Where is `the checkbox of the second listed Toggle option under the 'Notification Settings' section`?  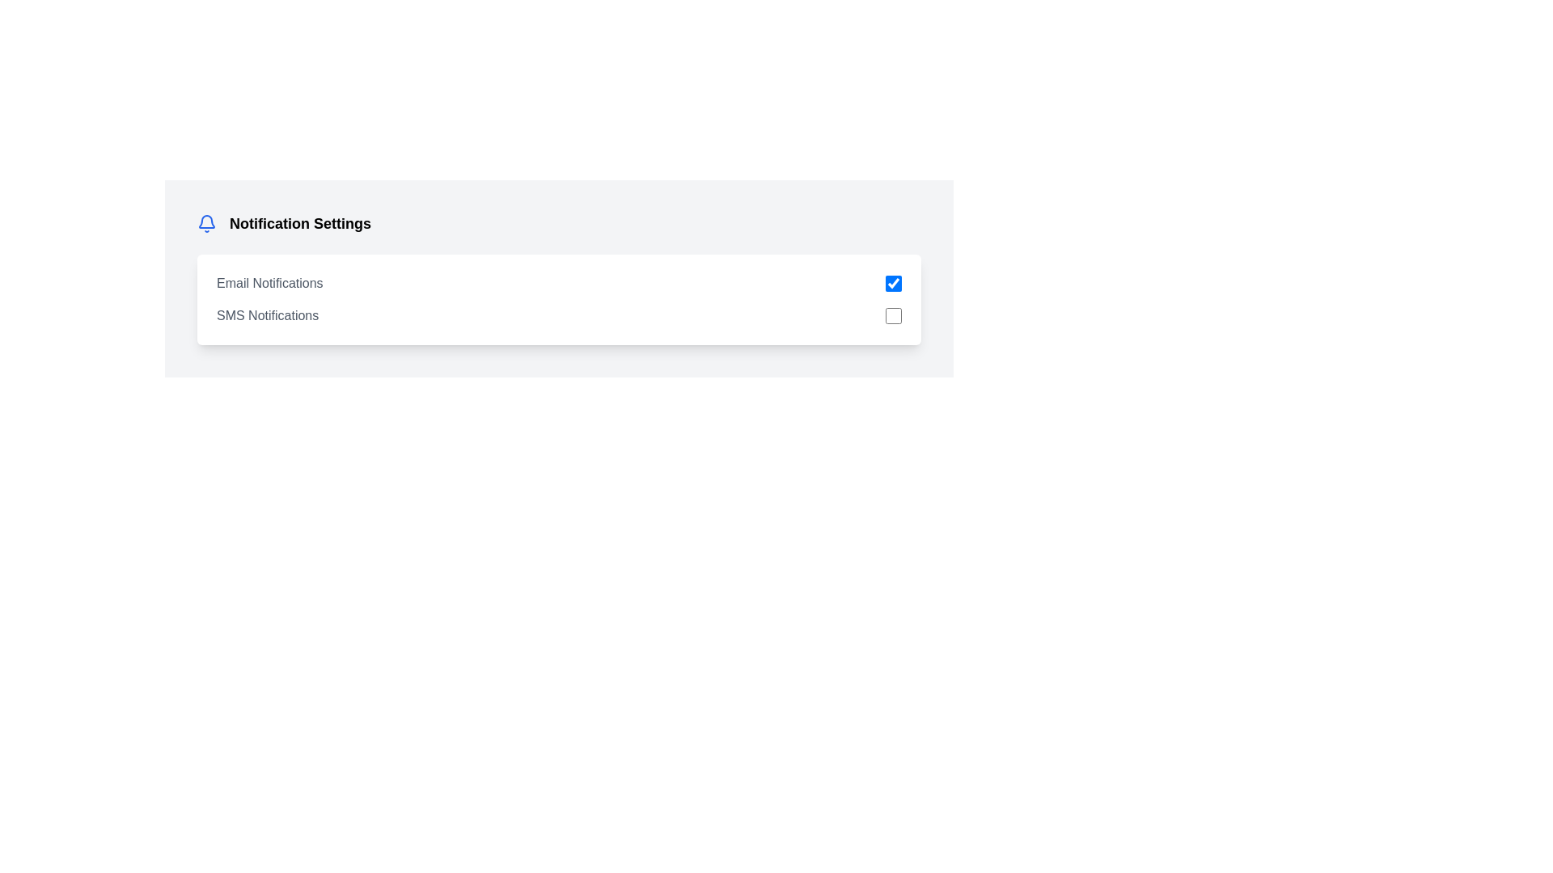
the checkbox of the second listed Toggle option under the 'Notification Settings' section is located at coordinates (559, 315).